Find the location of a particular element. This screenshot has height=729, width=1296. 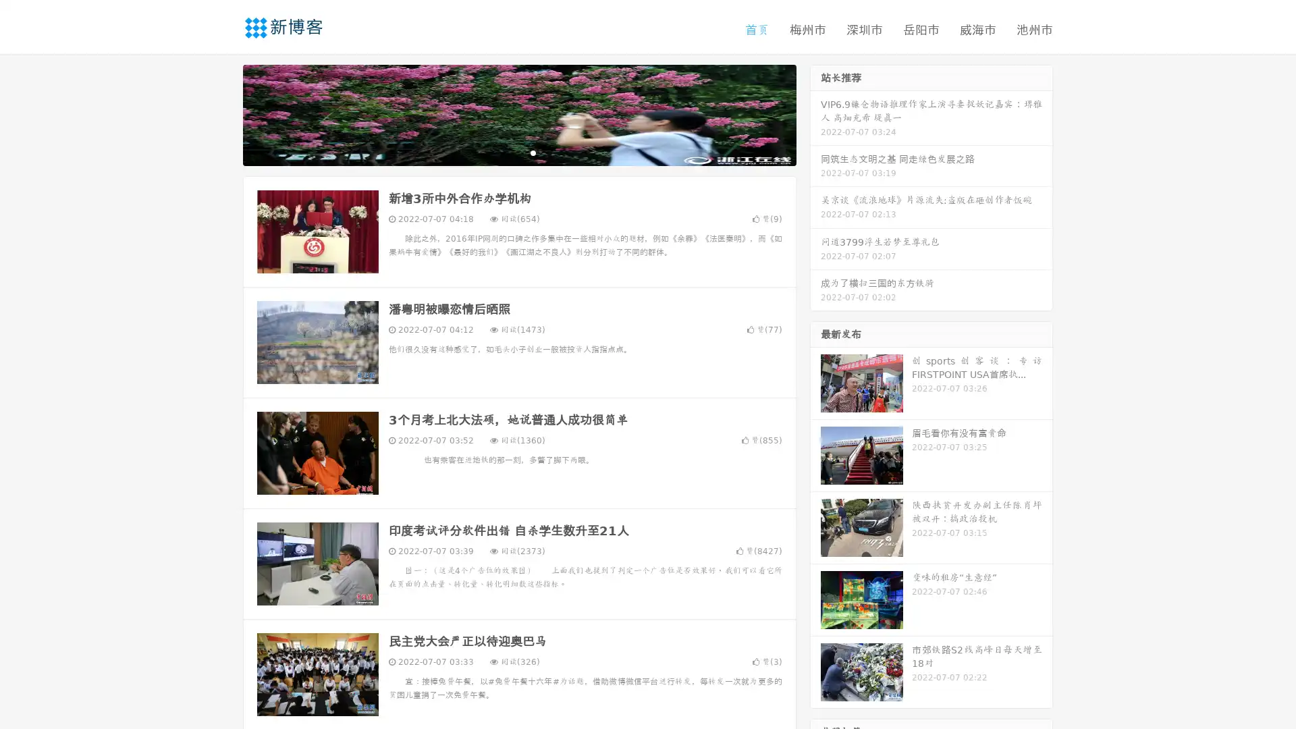

Go to slide 2 is located at coordinates (518, 152).